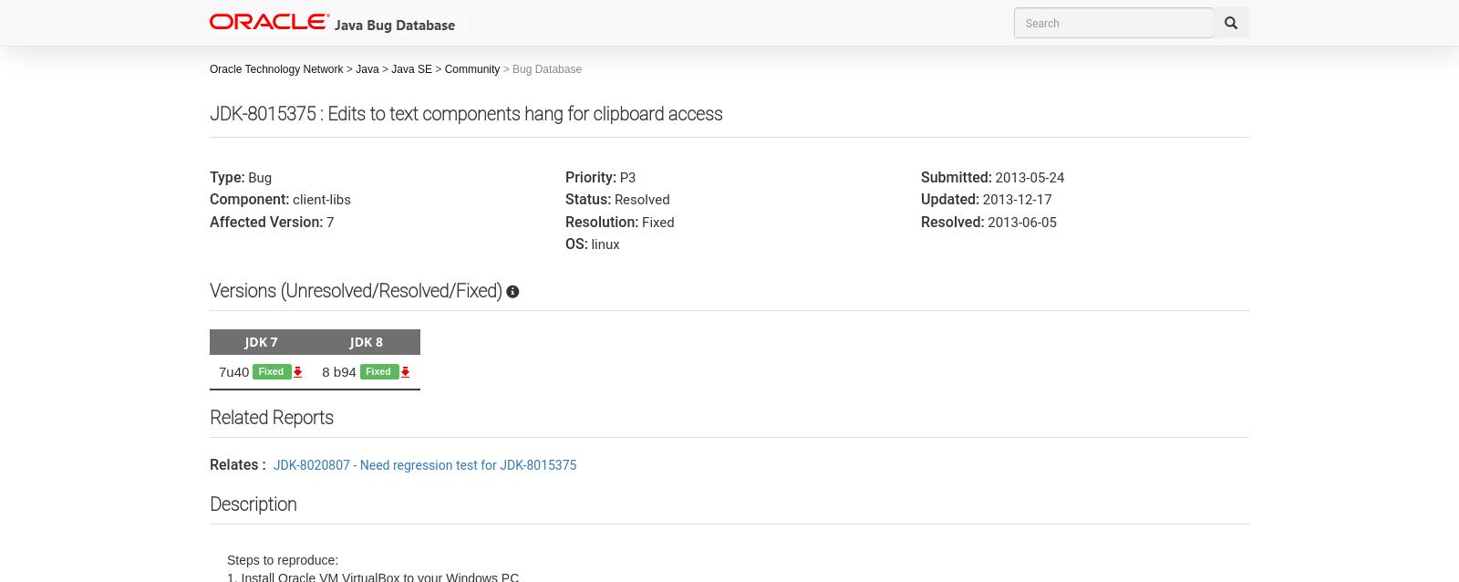 This screenshot has height=582, width=1459. What do you see at coordinates (952, 221) in the screenshot?
I see `'Resolved:'` at bounding box center [952, 221].